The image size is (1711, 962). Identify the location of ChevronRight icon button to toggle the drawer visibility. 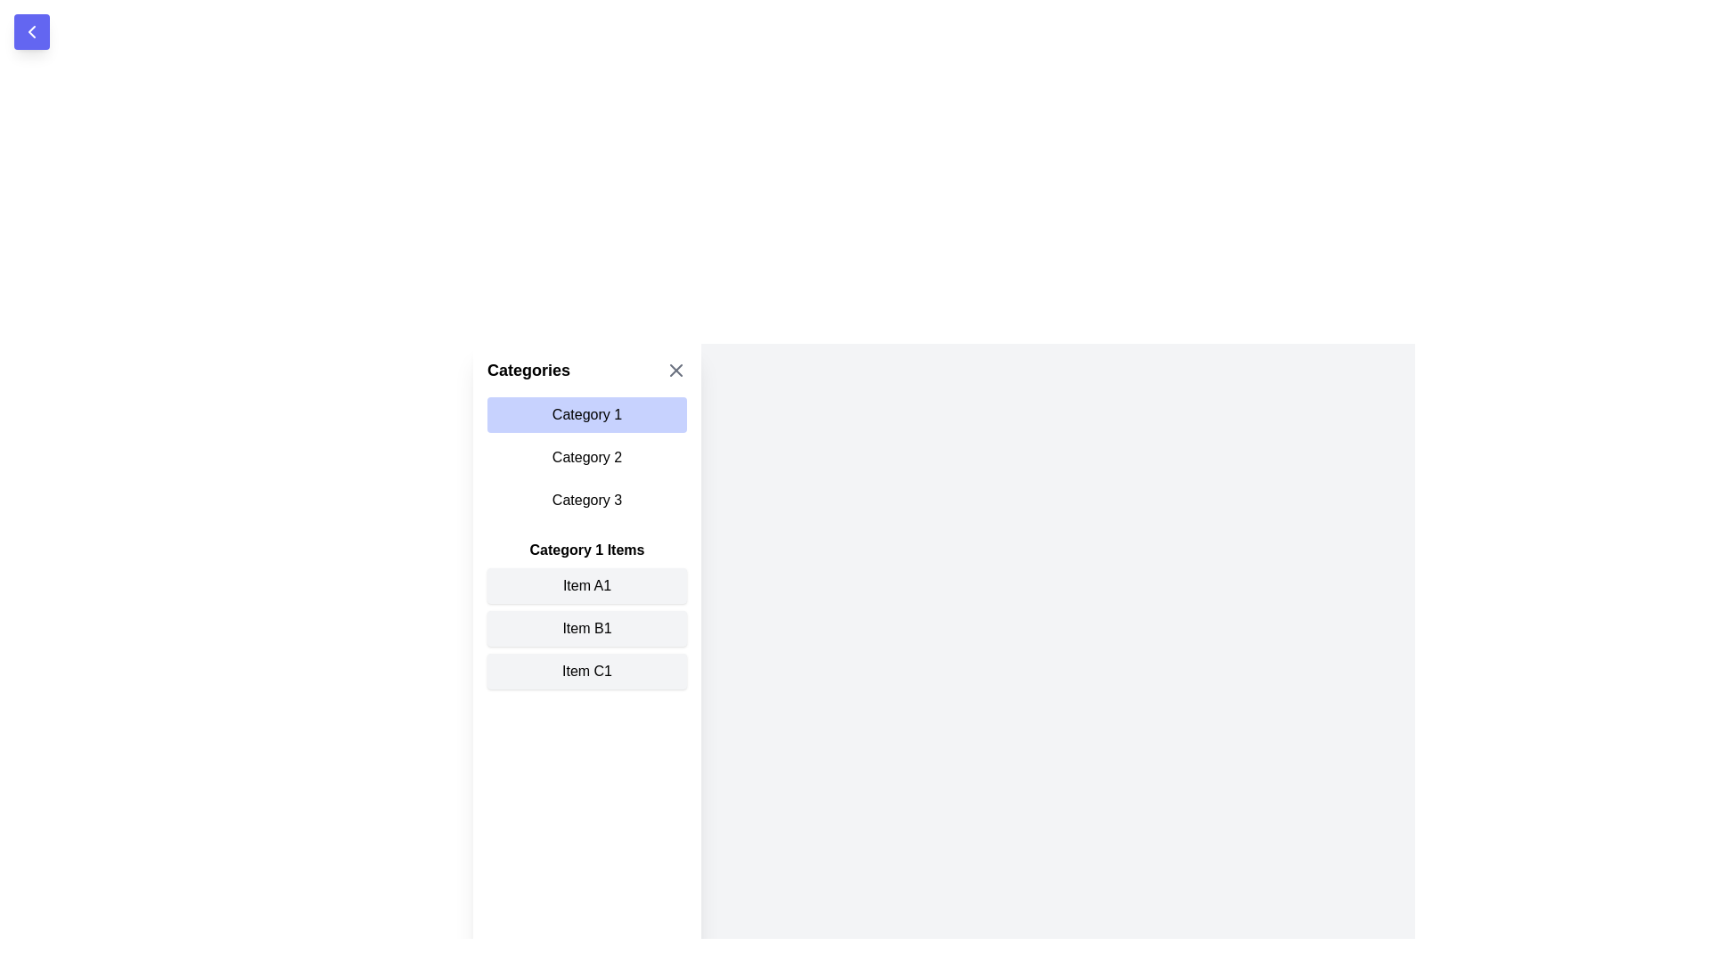
(31, 31).